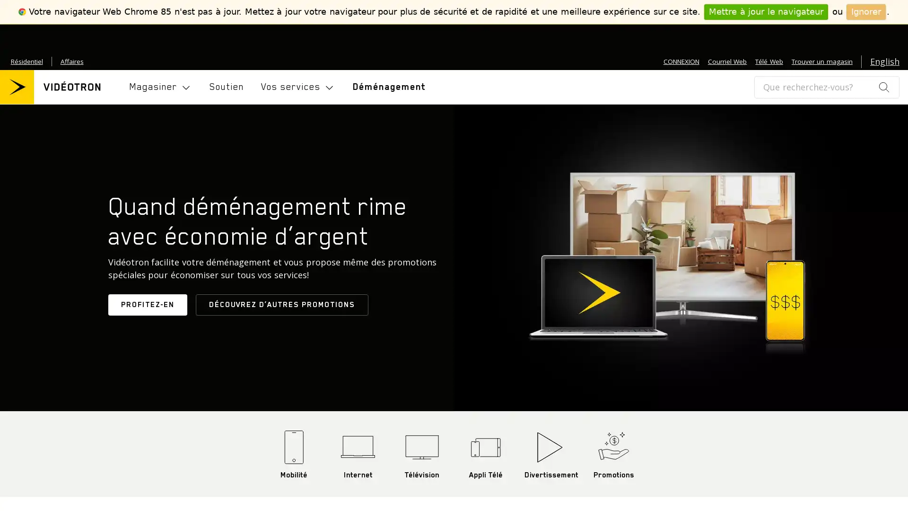 This screenshot has height=511, width=908. What do you see at coordinates (883, 87) in the screenshot?
I see `search` at bounding box center [883, 87].